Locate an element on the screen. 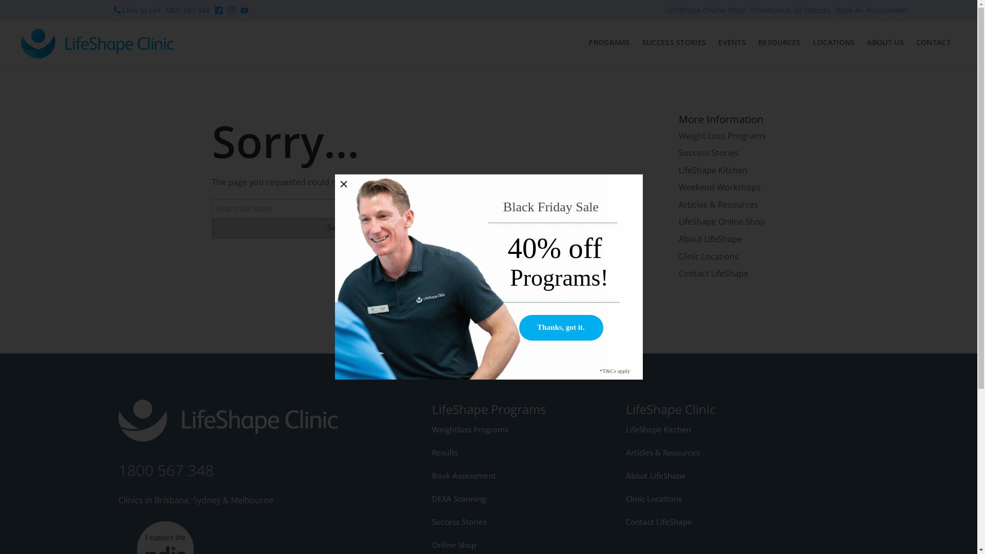 The image size is (985, 554). 'EVENTS' is located at coordinates (731, 42).